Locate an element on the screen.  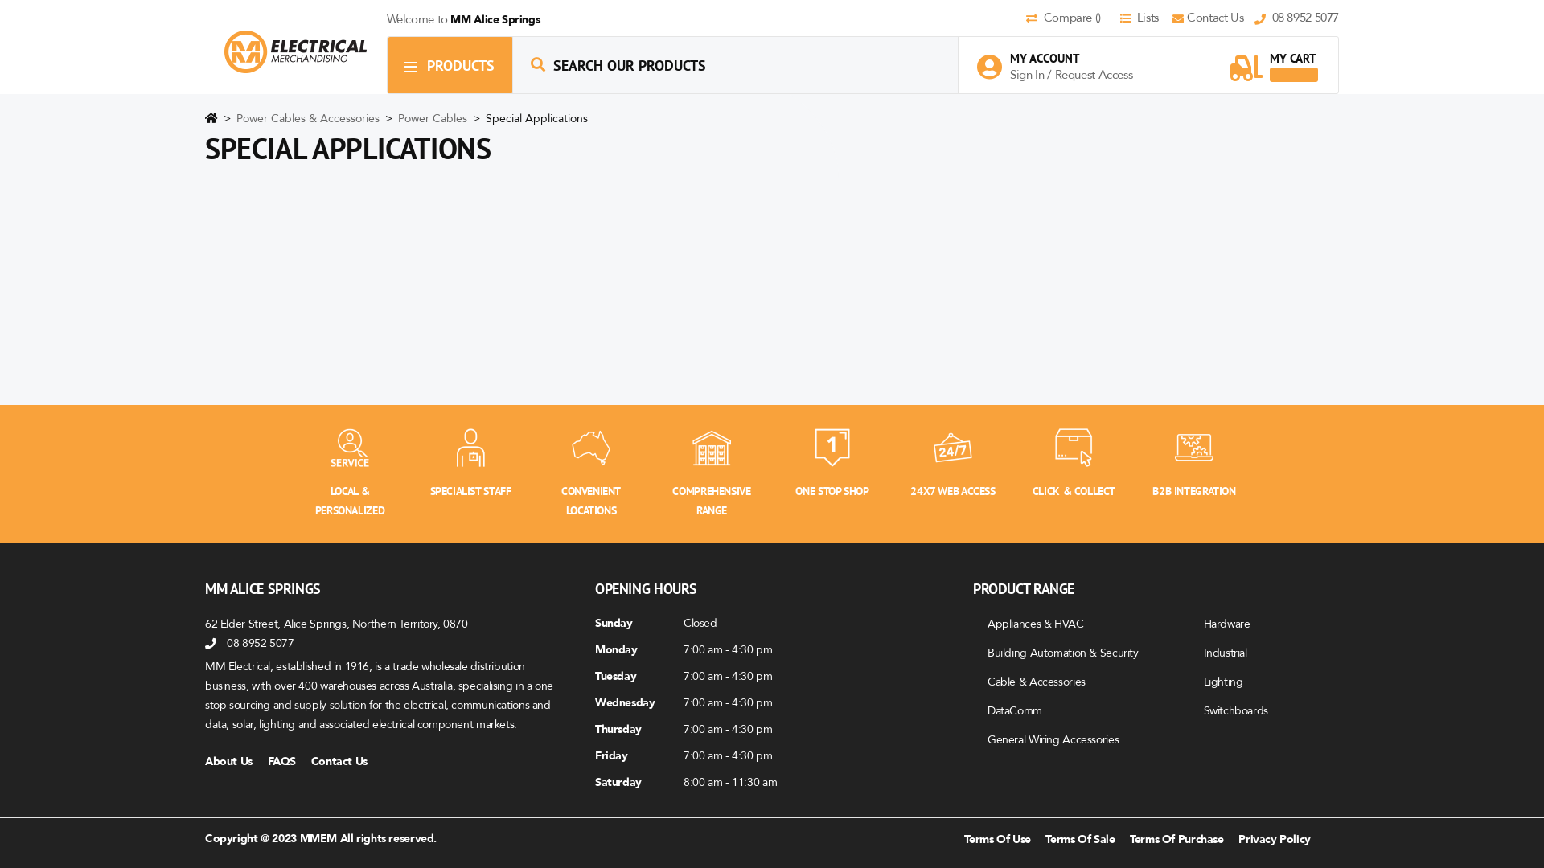
'Request Access' is located at coordinates (1094, 74).